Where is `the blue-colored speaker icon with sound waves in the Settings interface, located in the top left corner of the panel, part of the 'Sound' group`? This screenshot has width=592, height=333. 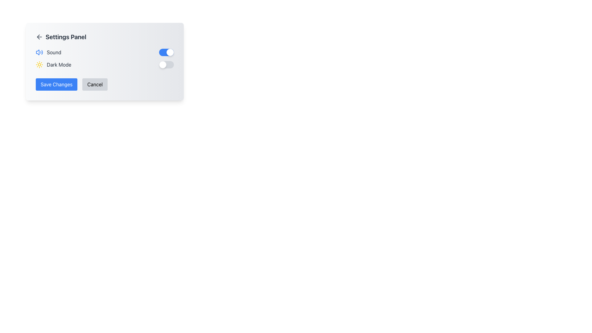 the blue-colored speaker icon with sound waves in the Settings interface, located in the top left corner of the panel, part of the 'Sound' group is located at coordinates (39, 52).